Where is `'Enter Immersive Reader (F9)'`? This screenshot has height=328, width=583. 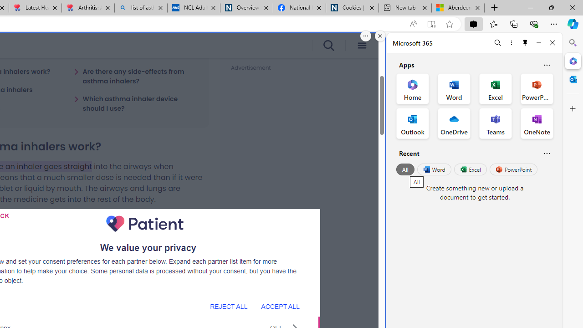
'Enter Immersive Reader (F9)' is located at coordinates (430, 24).